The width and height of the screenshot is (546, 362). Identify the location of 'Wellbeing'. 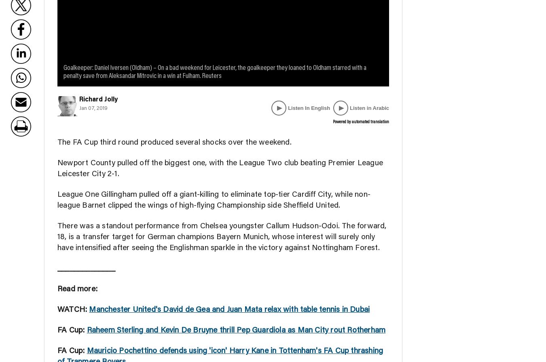
(338, 15).